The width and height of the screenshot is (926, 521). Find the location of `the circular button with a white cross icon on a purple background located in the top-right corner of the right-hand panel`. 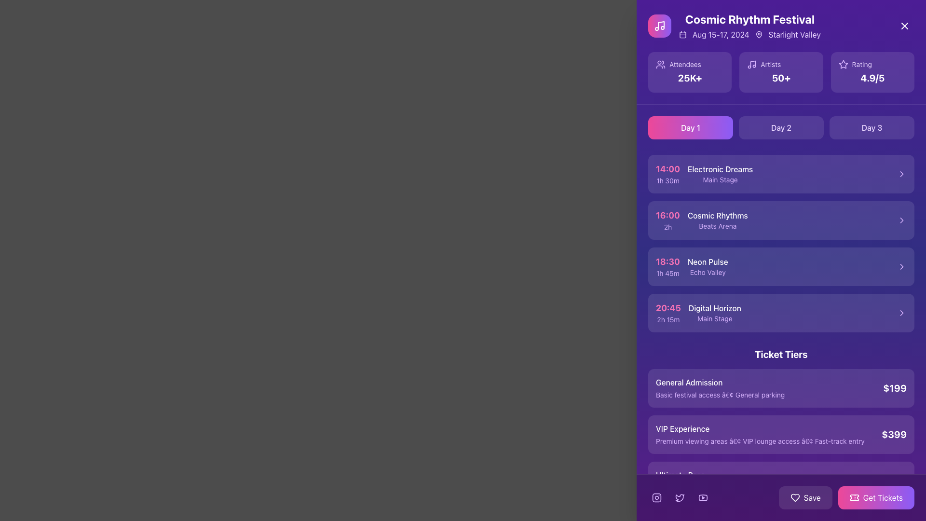

the circular button with a white cross icon on a purple background located in the top-right corner of the right-hand panel is located at coordinates (904, 26).